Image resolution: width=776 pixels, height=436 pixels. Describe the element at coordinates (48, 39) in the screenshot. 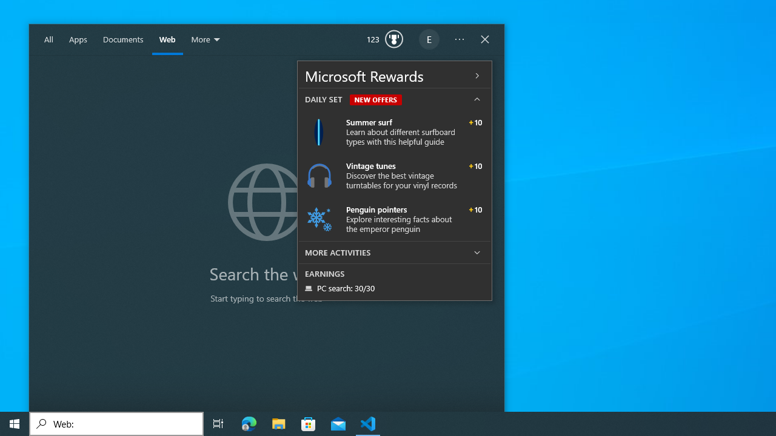

I see `'All'` at that location.